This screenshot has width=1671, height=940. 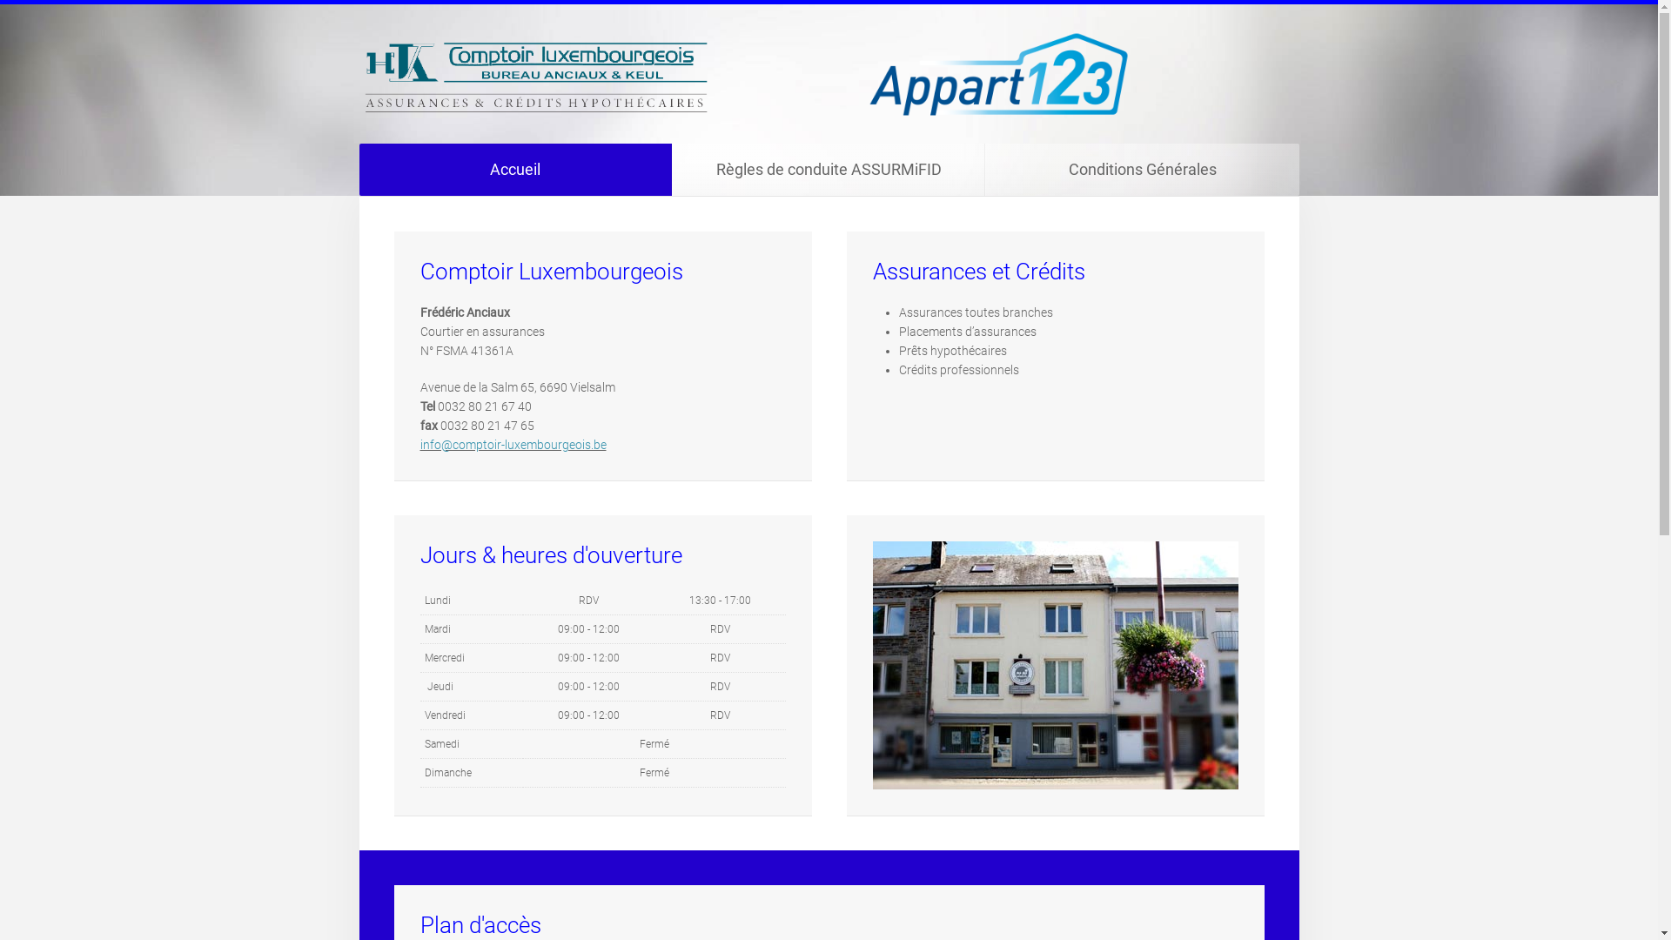 I want to click on 'Accueil', so click(x=513, y=170).